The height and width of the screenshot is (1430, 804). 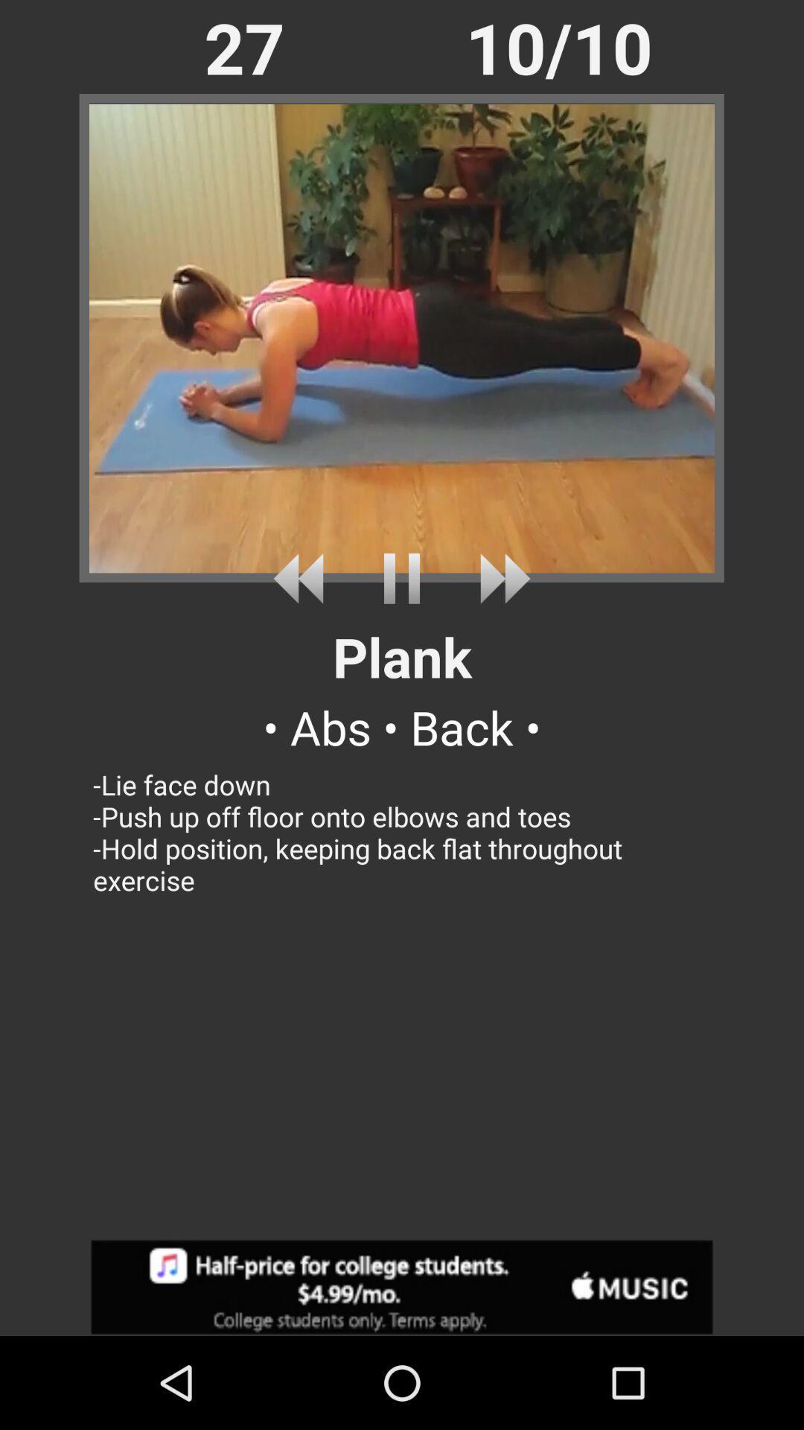 What do you see at coordinates (303, 578) in the screenshot?
I see `previous` at bounding box center [303, 578].